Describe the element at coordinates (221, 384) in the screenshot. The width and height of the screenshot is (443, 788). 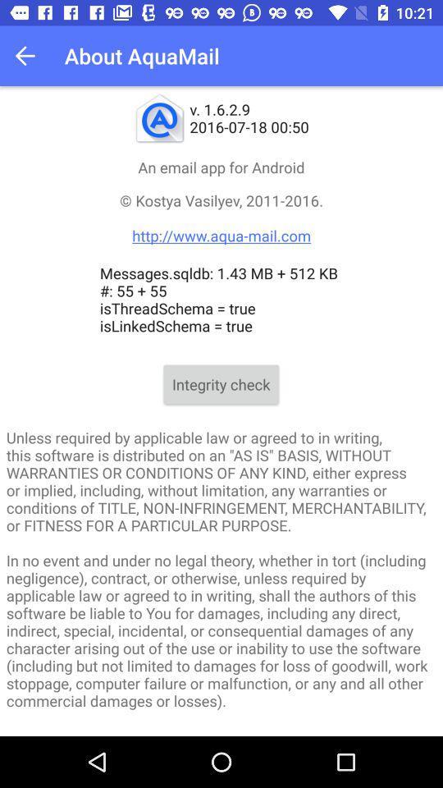
I see `the item above the unless required by item` at that location.